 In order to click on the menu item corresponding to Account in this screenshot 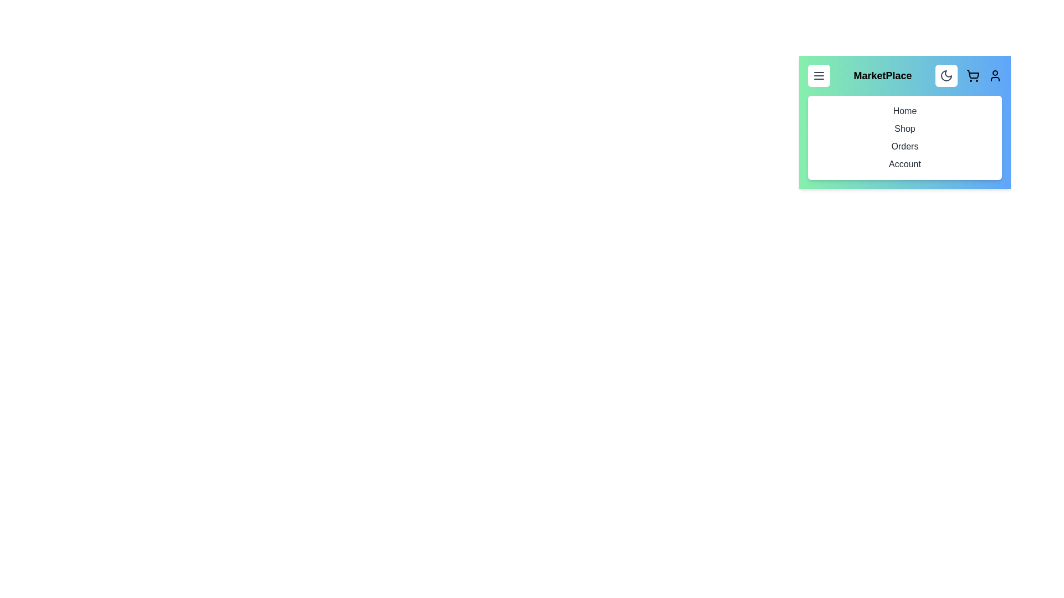, I will do `click(904, 164)`.